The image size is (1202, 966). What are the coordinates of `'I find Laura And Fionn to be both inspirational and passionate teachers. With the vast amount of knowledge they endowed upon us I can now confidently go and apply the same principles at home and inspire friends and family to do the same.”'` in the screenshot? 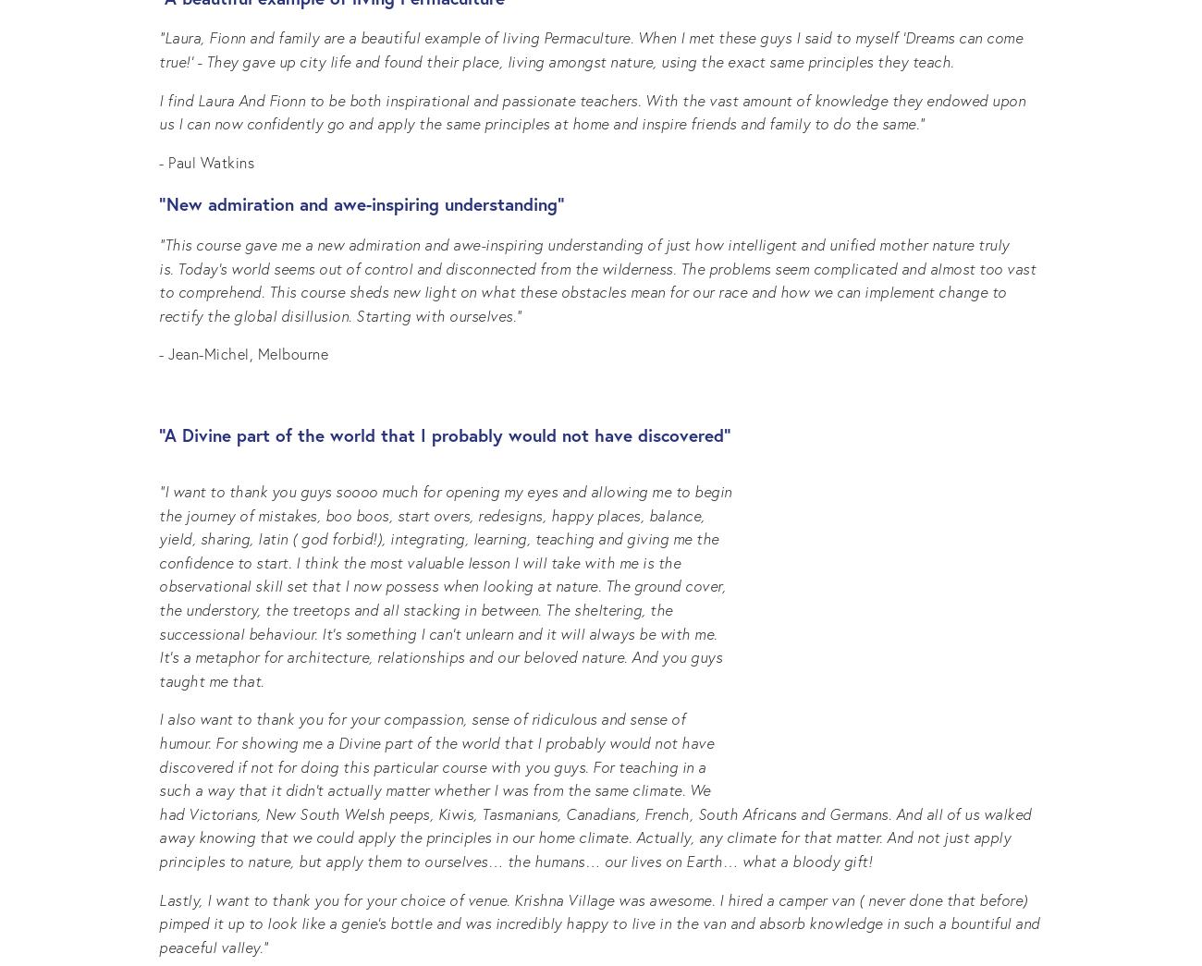 It's located at (594, 110).